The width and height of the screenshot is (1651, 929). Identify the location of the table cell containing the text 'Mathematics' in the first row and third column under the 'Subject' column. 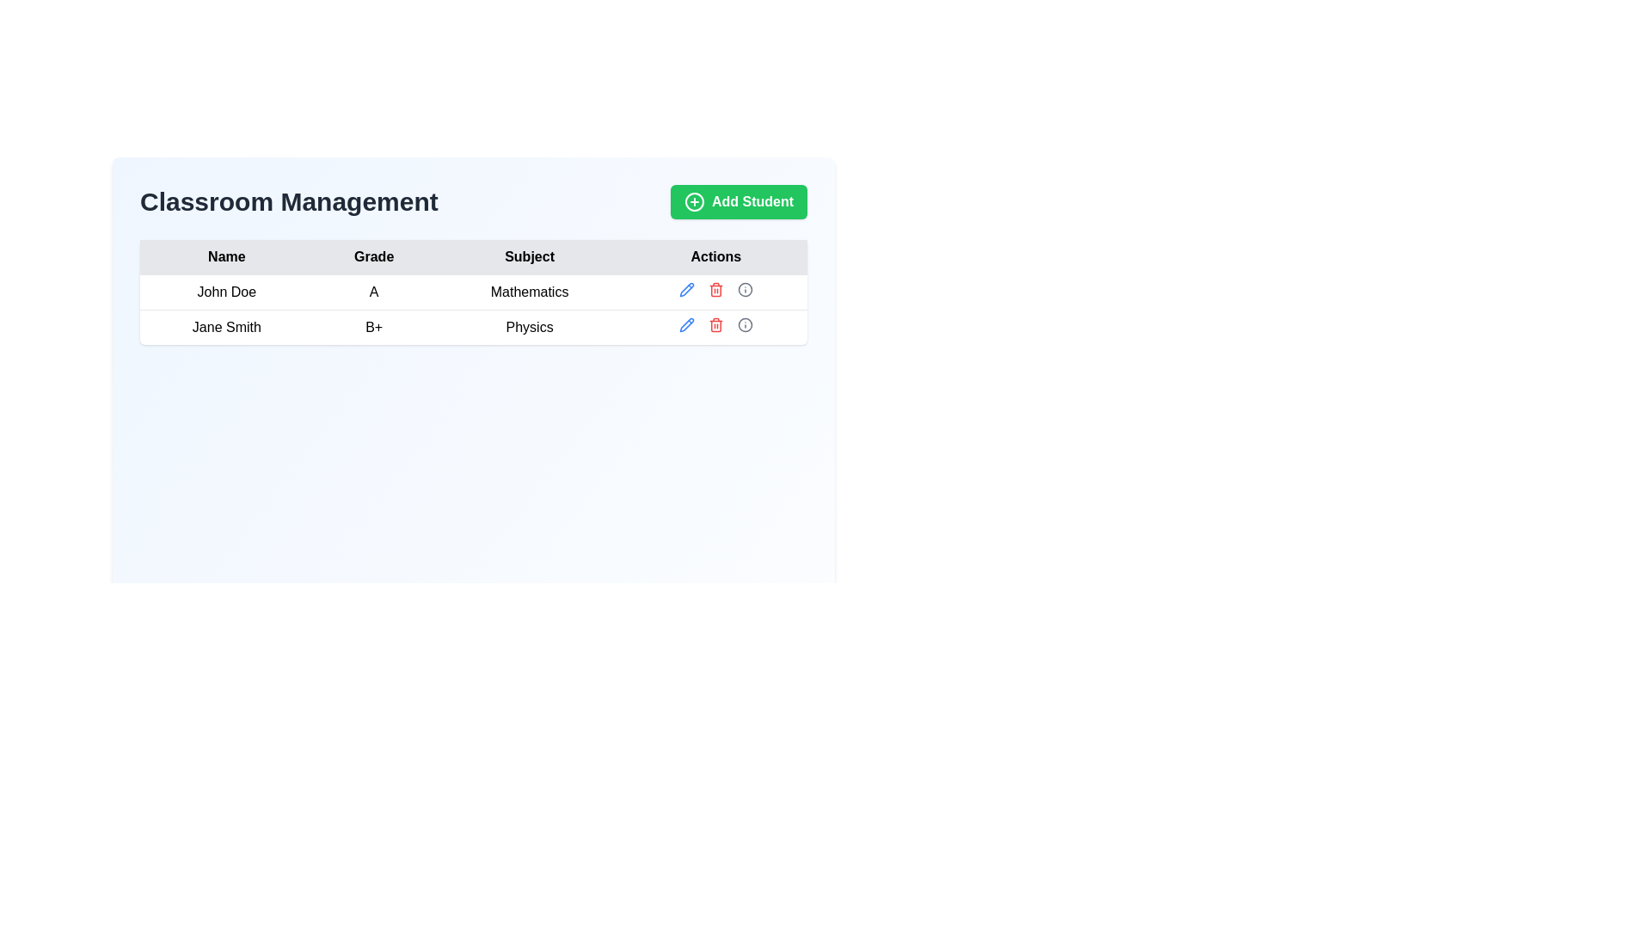
(529, 291).